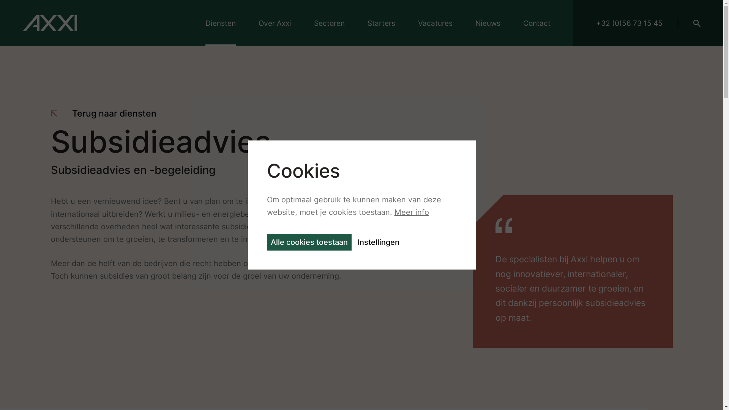  Describe the element at coordinates (309, 242) in the screenshot. I see `'Alle cookies toestaan'` at that location.